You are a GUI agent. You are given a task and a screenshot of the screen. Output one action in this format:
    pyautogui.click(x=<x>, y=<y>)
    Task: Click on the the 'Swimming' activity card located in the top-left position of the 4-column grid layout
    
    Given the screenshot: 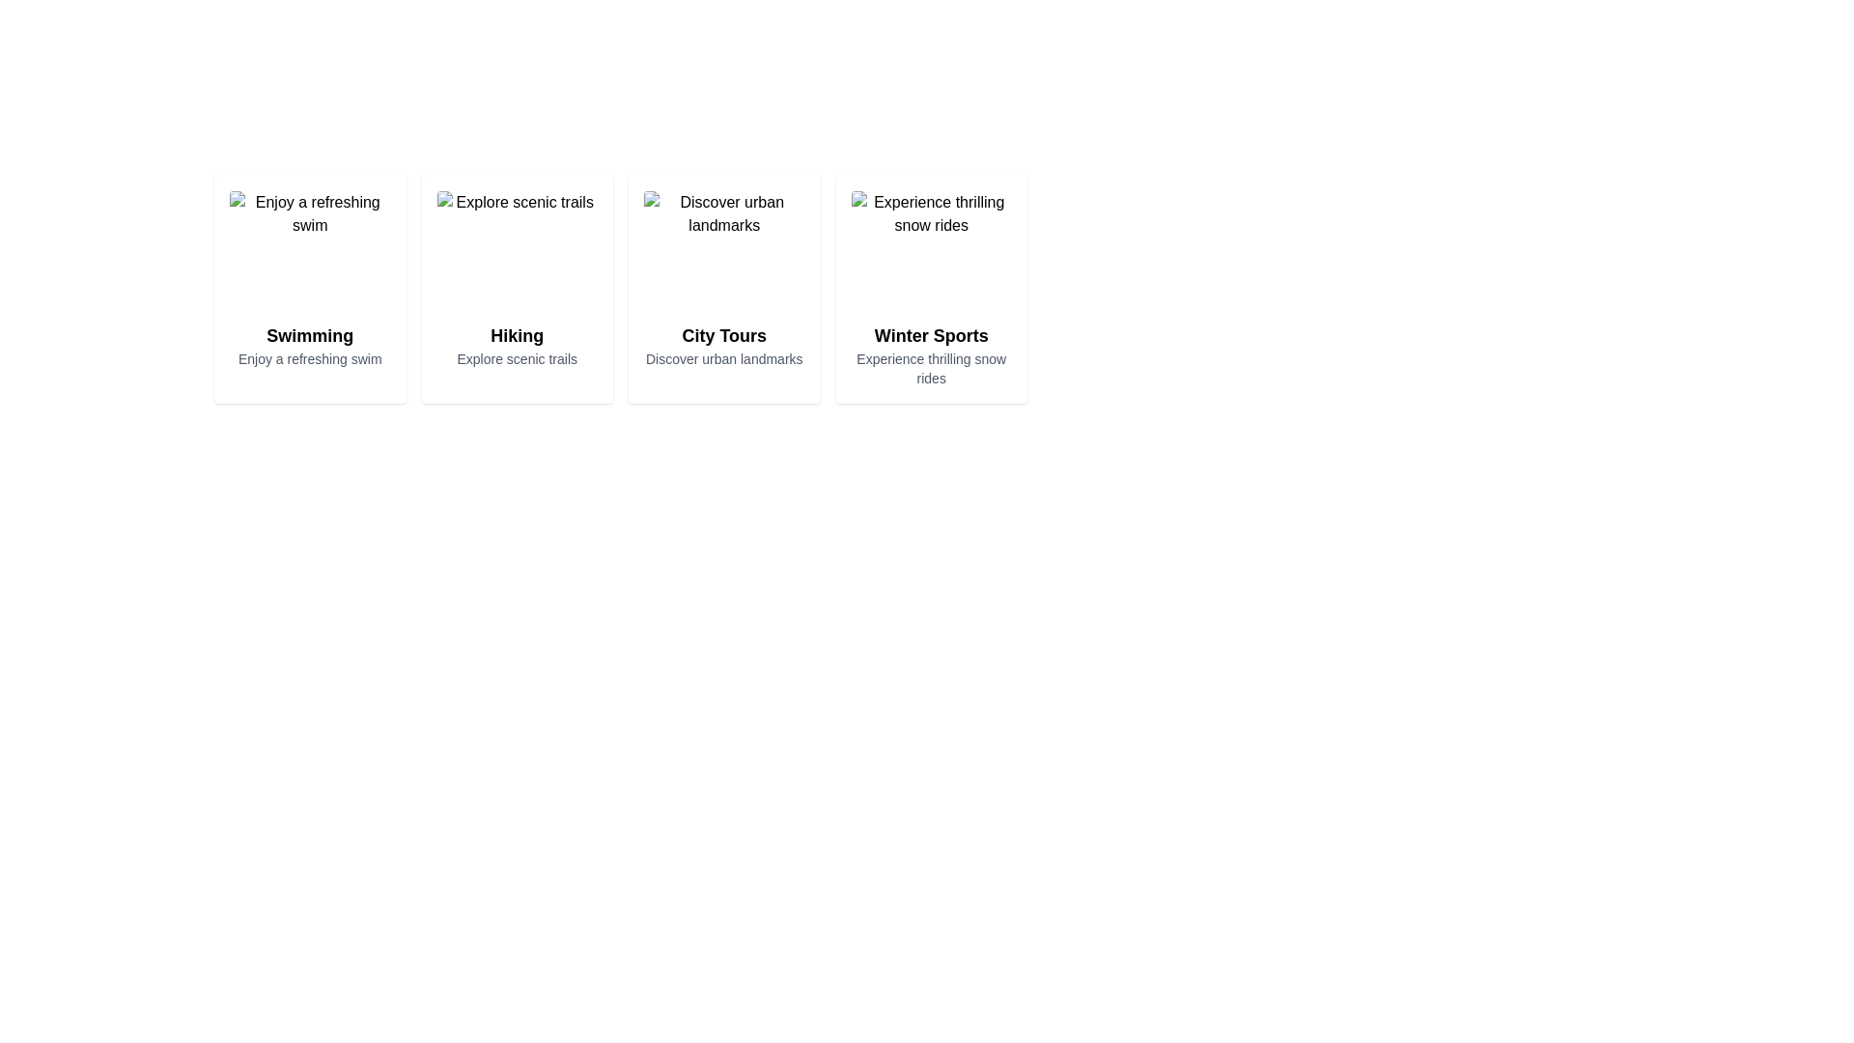 What is the action you would take?
    pyautogui.click(x=310, y=290)
    